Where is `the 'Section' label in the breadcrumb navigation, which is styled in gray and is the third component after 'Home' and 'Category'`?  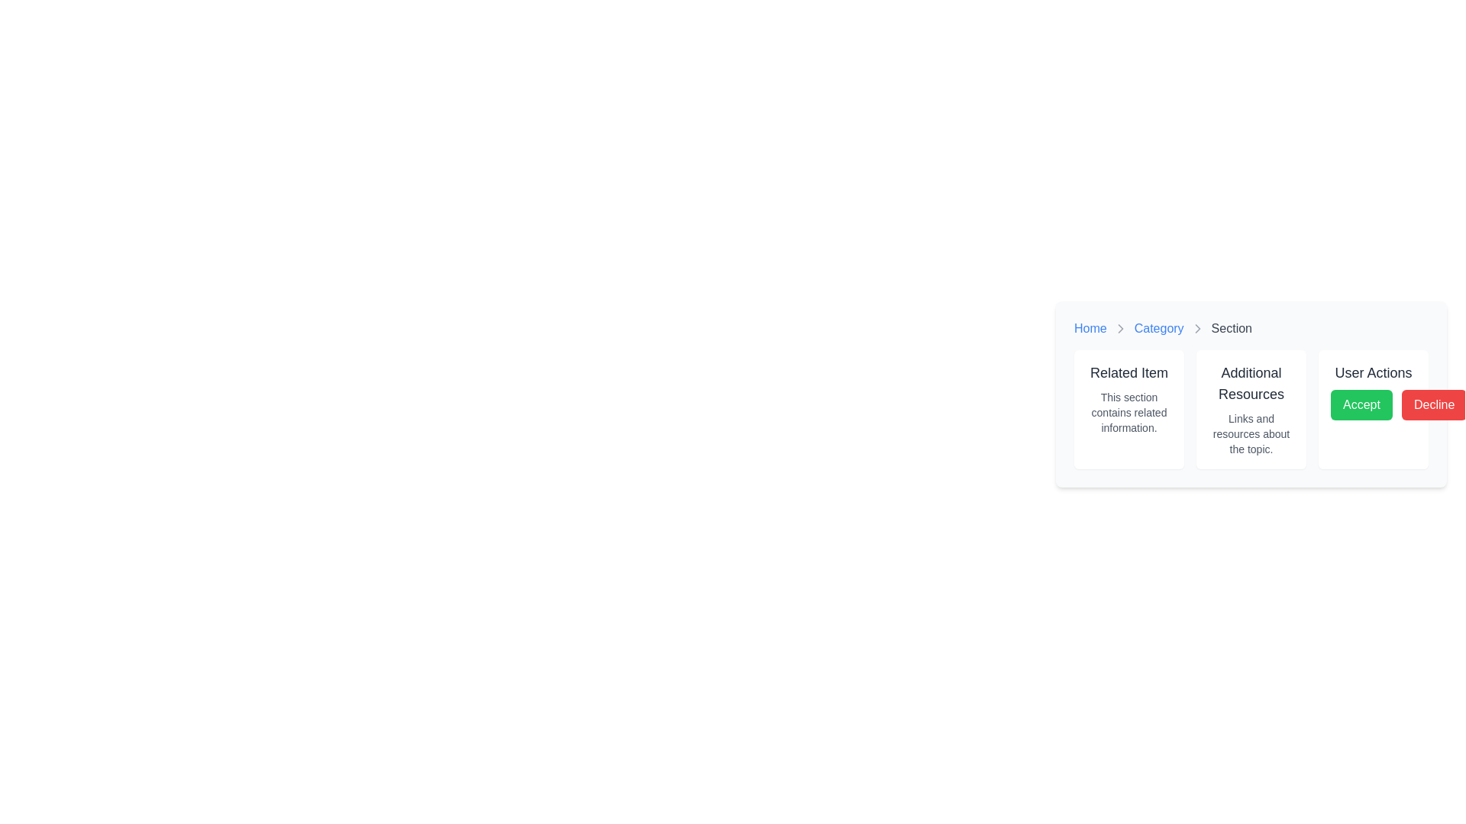 the 'Section' label in the breadcrumb navigation, which is styled in gray and is the third component after 'Home' and 'Category' is located at coordinates (1232, 328).